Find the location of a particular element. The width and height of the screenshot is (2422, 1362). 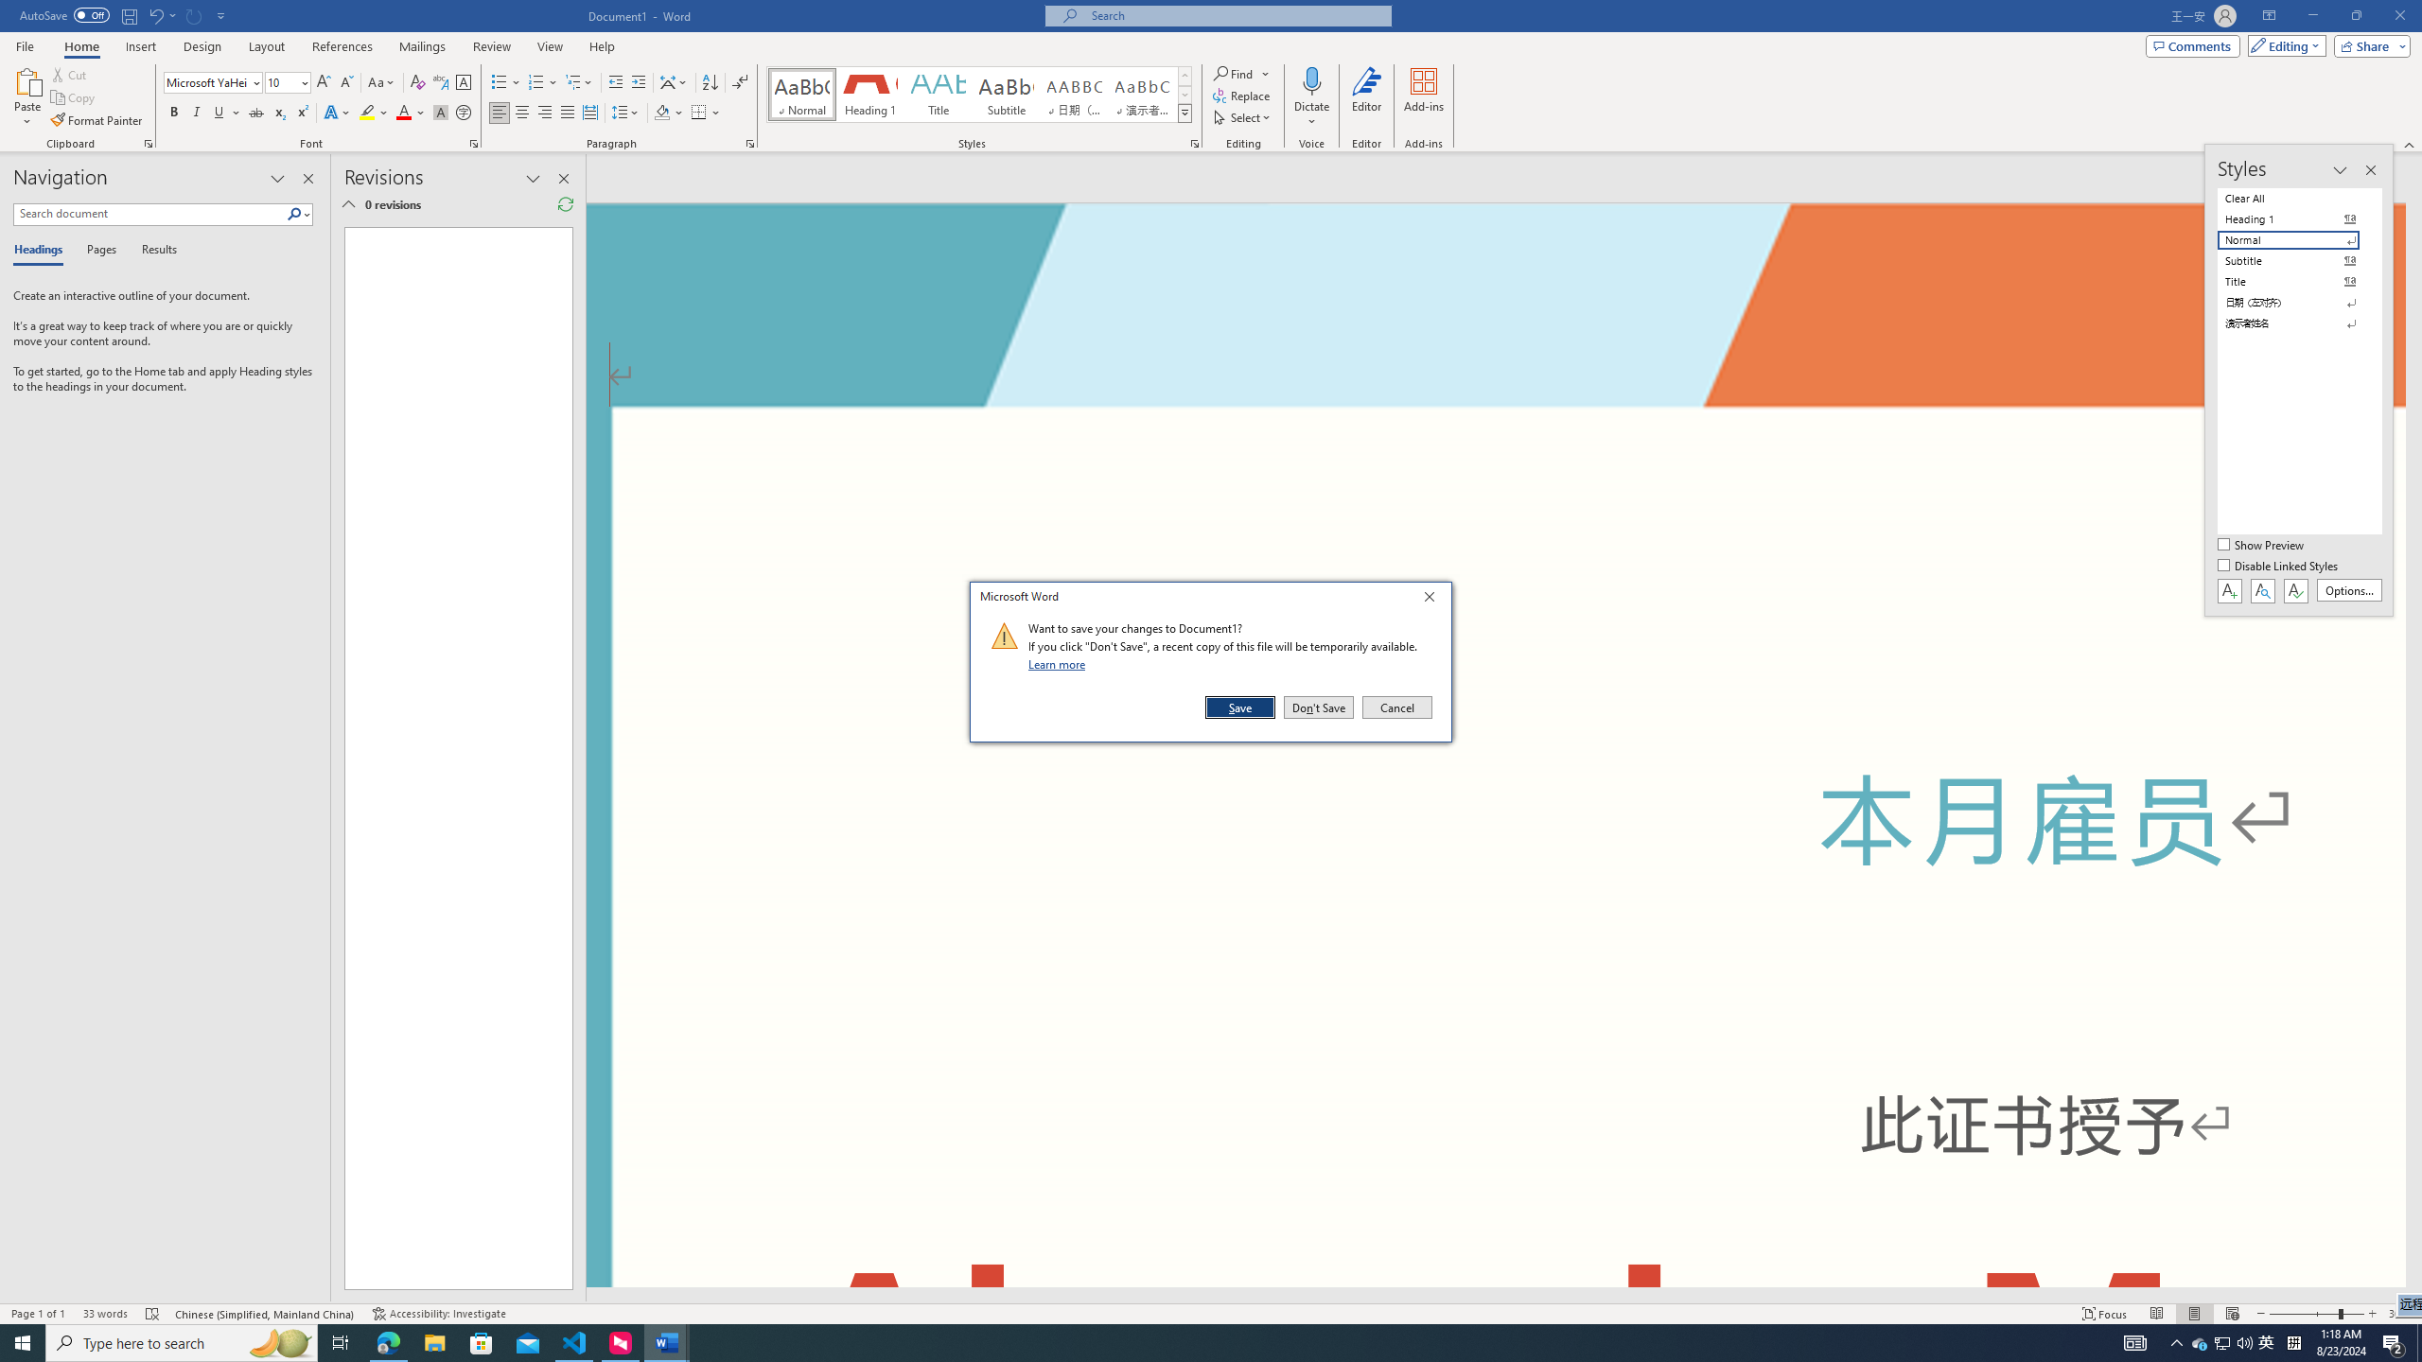

'Minimize' is located at coordinates (2311, 15).